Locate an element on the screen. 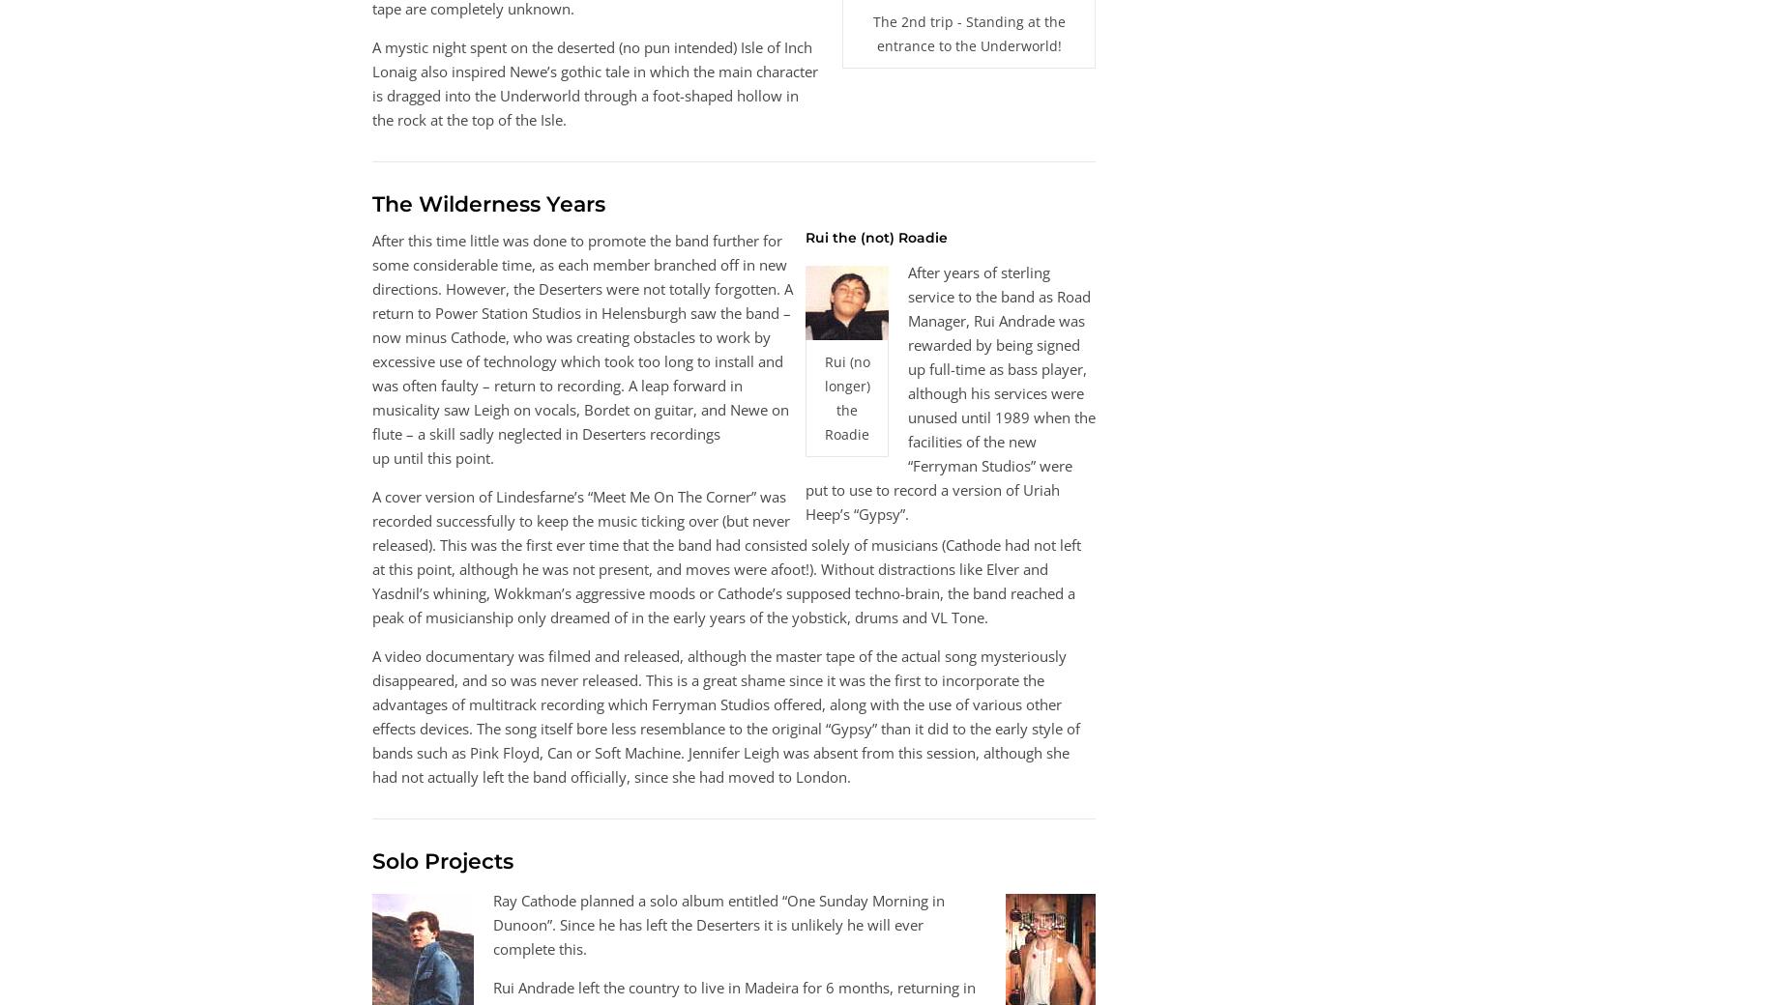 The height and width of the screenshot is (1005, 1789). 'After years of sterling service to the band as Road Manager, Rui Andrade was rewarded by being signed up full-time as bass player, although his services were unused until 1989 when the facilities of the new “Ferryman Studios” were put to use to record a version of Uriah Heep’s “Gypsy”.' is located at coordinates (806, 392).